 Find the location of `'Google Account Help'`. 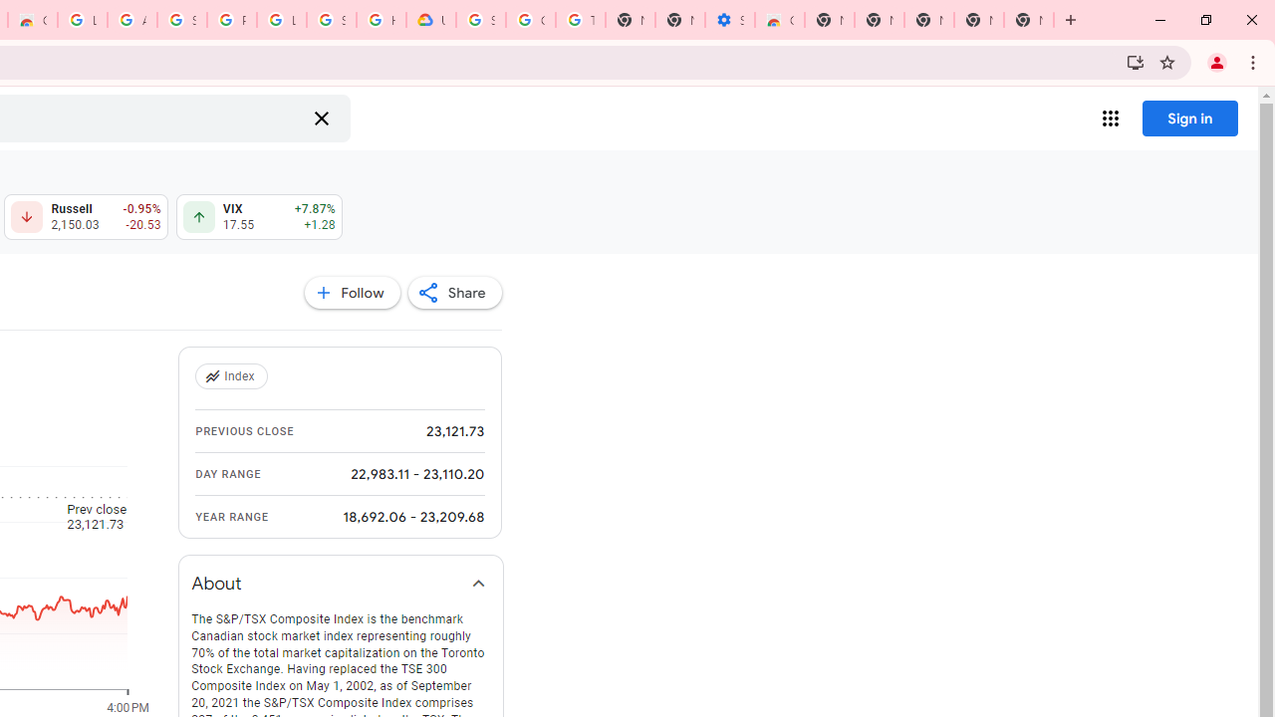

'Google Account Help' is located at coordinates (531, 20).